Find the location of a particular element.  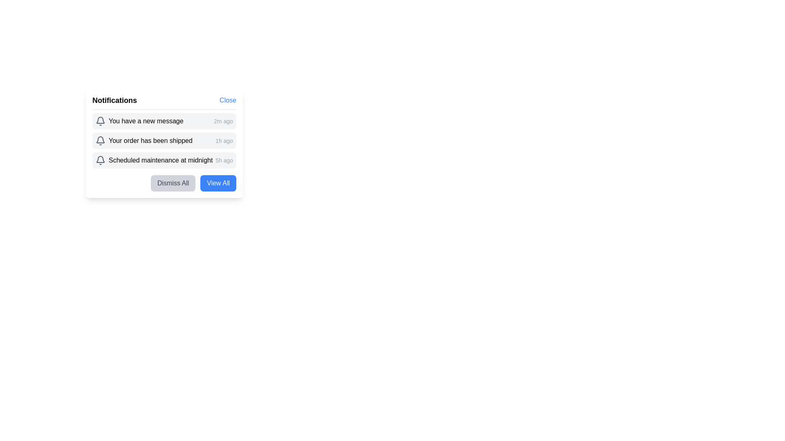

the SVG icon representing the third notification in the notifications panel, which indicates the type of notification associated with the list item is located at coordinates (100, 159).